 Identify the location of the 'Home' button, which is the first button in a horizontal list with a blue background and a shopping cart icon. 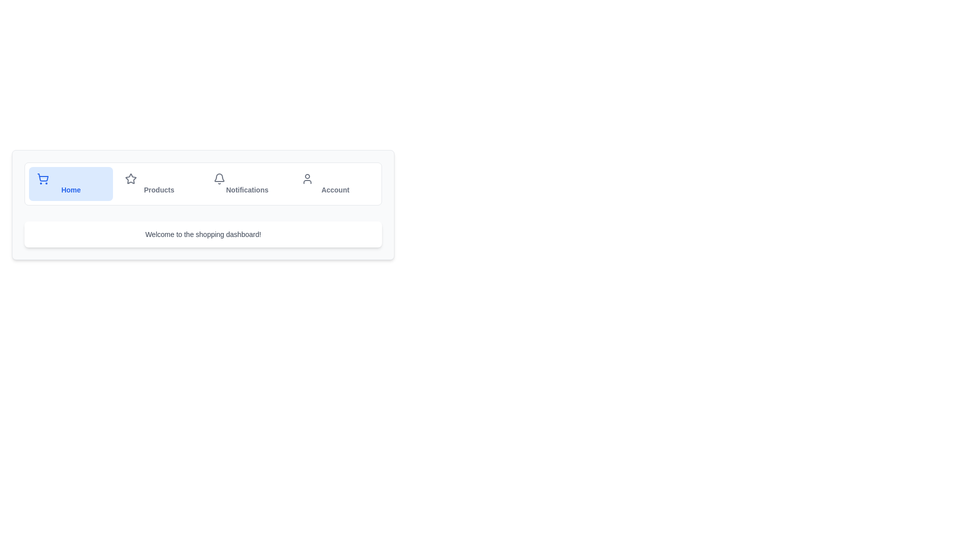
(70, 183).